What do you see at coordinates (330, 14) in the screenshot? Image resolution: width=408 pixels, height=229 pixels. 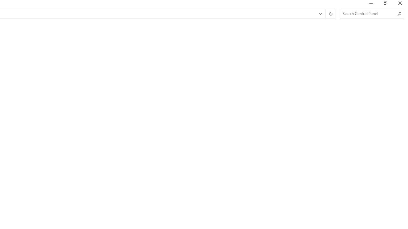 I see `'Refresh "Hardware and Sound" (F5)'` at bounding box center [330, 14].